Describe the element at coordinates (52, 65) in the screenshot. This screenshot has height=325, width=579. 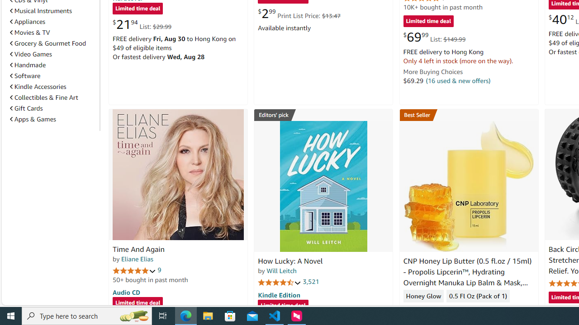
I see `'Handmade'` at that location.